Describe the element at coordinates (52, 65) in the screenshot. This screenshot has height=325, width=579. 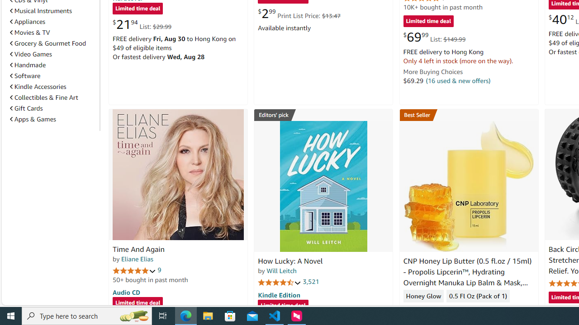
I see `'Handmade'` at that location.